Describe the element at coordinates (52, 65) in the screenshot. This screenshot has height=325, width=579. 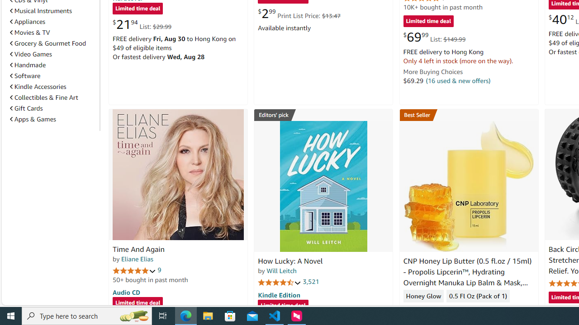
I see `'Handmade'` at that location.